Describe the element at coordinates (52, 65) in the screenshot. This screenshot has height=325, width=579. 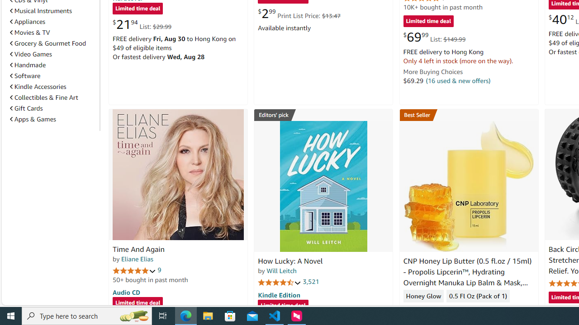
I see `'Handmade'` at that location.